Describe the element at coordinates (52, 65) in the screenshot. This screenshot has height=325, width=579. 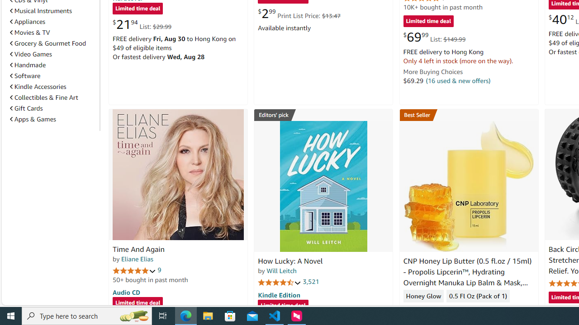
I see `'Handmade'` at that location.